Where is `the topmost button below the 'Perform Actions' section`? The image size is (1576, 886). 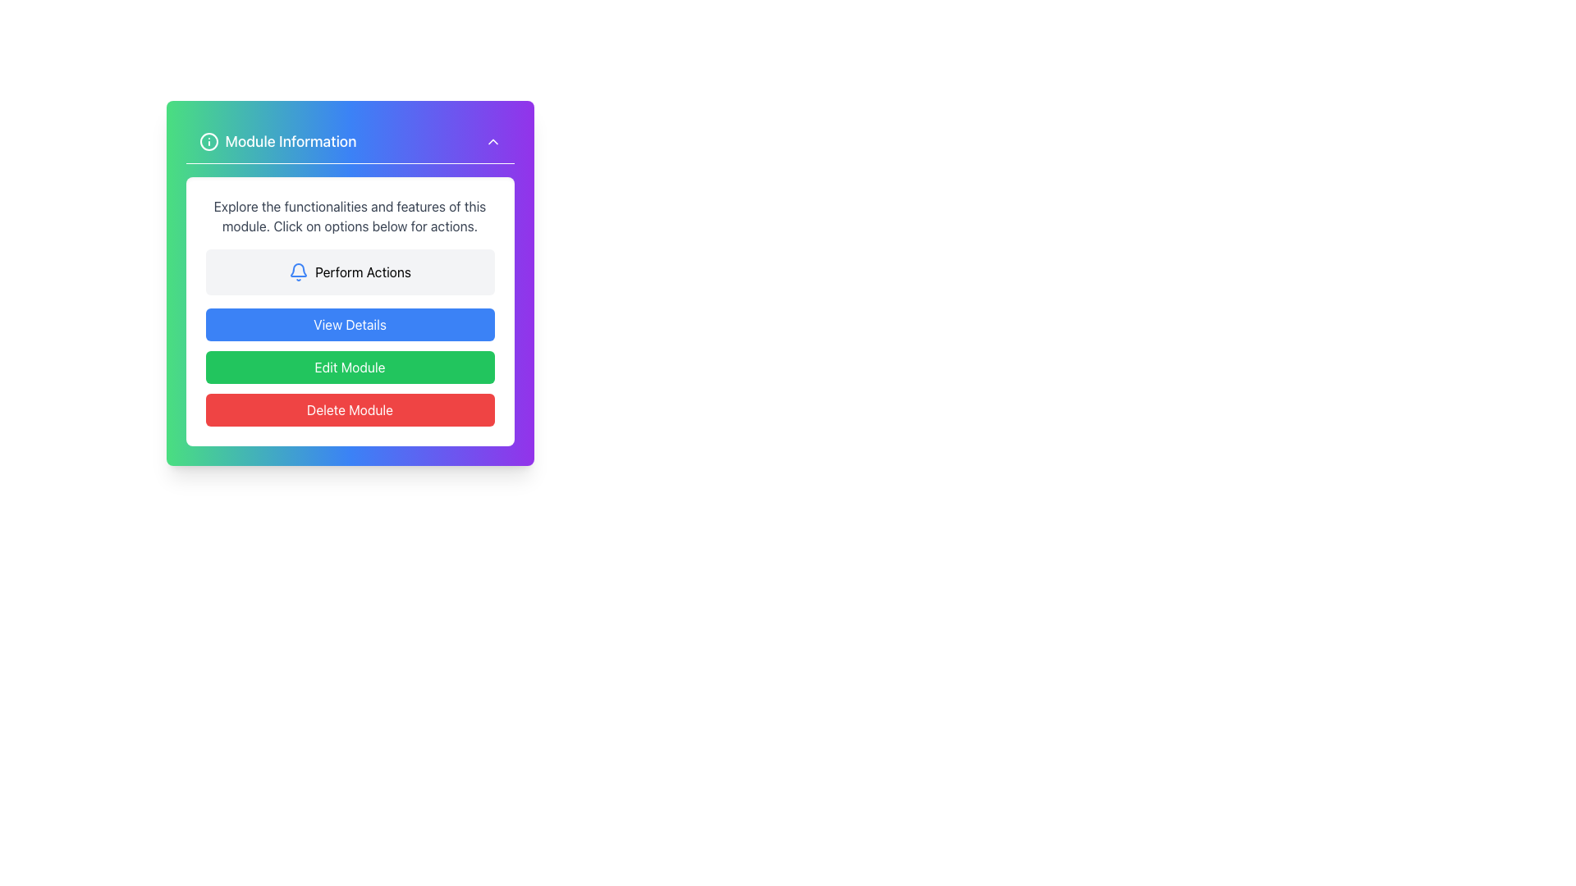 the topmost button below the 'Perform Actions' section is located at coordinates (349, 325).